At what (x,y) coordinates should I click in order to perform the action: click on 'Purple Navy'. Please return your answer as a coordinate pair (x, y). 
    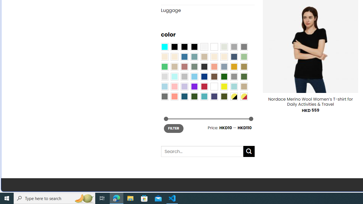
    Looking at the image, I should click on (214, 96).